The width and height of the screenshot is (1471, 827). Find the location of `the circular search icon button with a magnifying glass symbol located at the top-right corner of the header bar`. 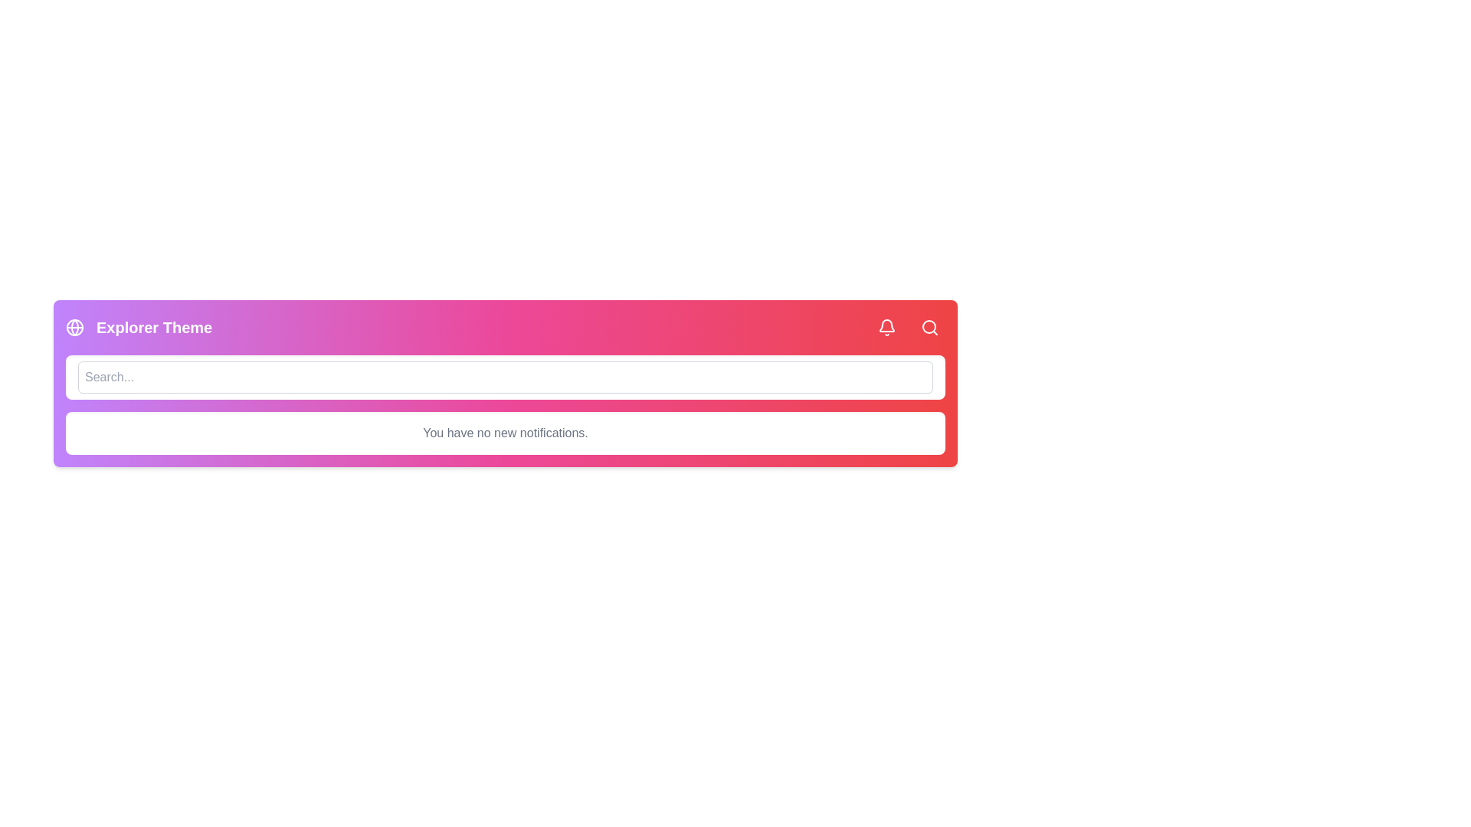

the circular search icon button with a magnifying glass symbol located at the top-right corner of the header bar is located at coordinates (929, 327).